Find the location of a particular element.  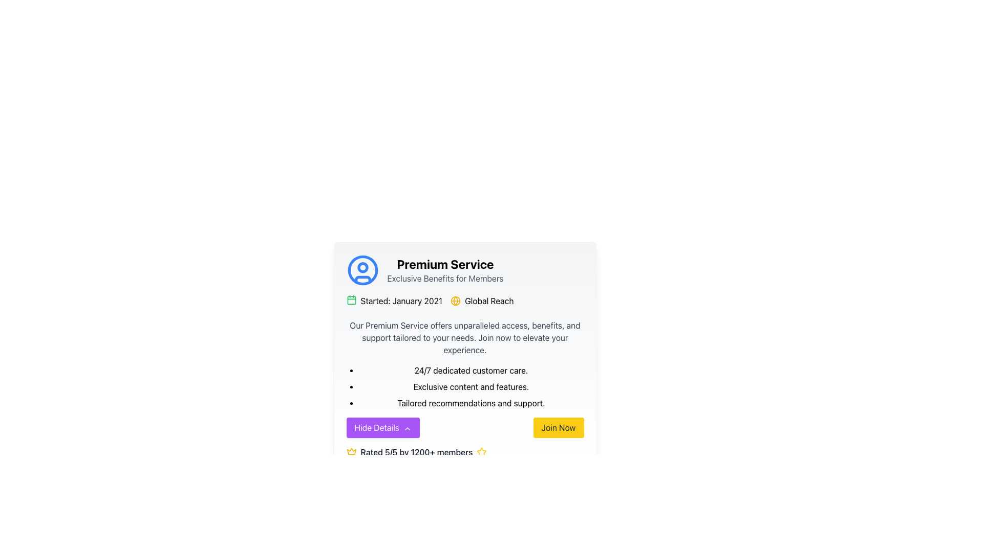

the yellow star icon located at the rightmost section of the rating cluster, adjacent to the 'Rated 5/5 by 1200+ members' text is located at coordinates (481, 451).